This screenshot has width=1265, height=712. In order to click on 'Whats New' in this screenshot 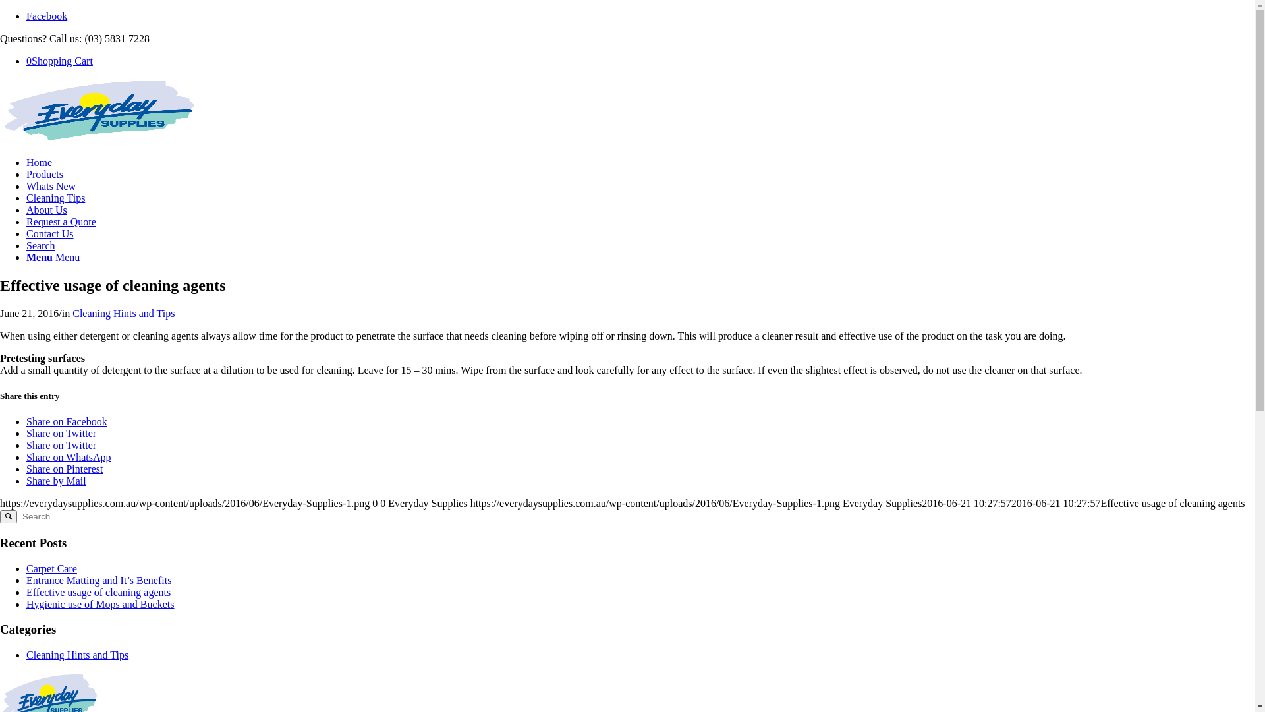, I will do `click(51, 186)`.